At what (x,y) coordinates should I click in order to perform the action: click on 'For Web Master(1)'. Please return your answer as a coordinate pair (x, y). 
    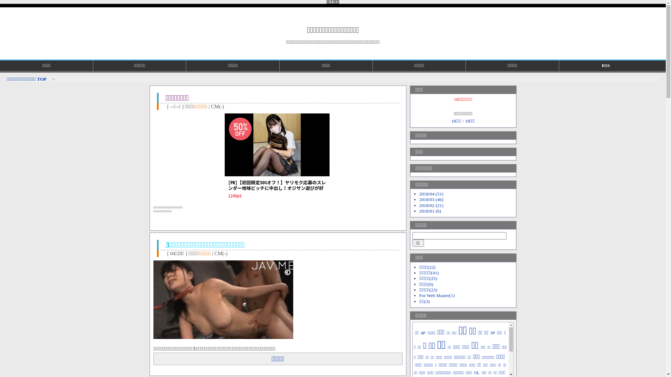
    Looking at the image, I should click on (437, 295).